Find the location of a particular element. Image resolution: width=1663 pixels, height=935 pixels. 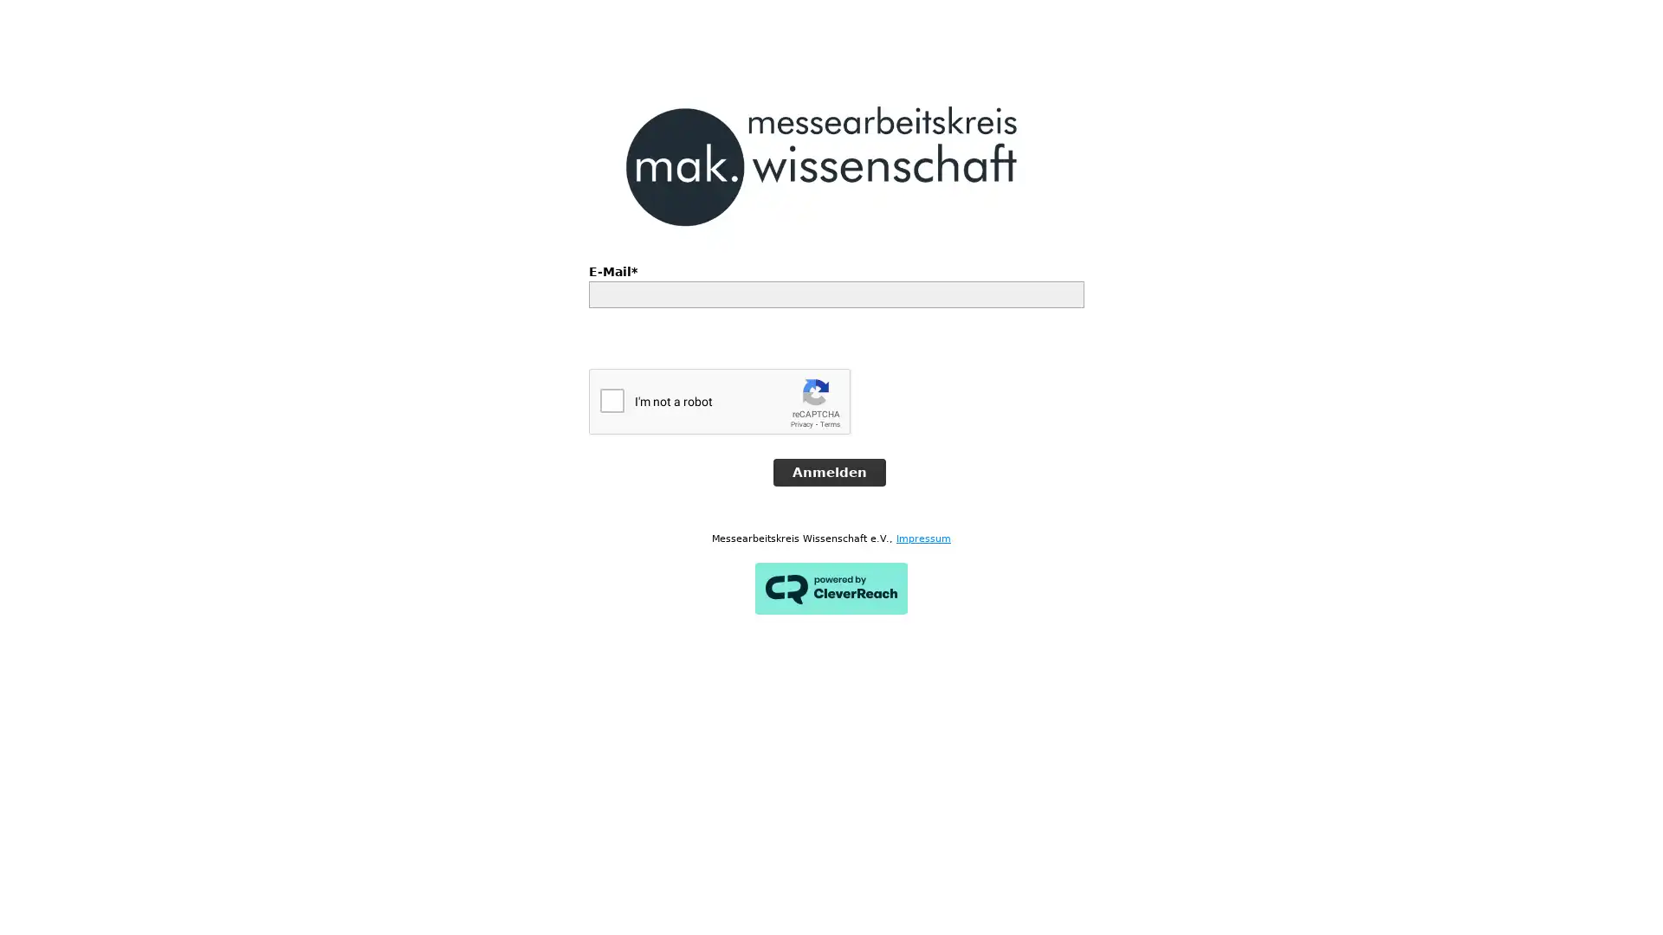

Anmelden is located at coordinates (827, 473).